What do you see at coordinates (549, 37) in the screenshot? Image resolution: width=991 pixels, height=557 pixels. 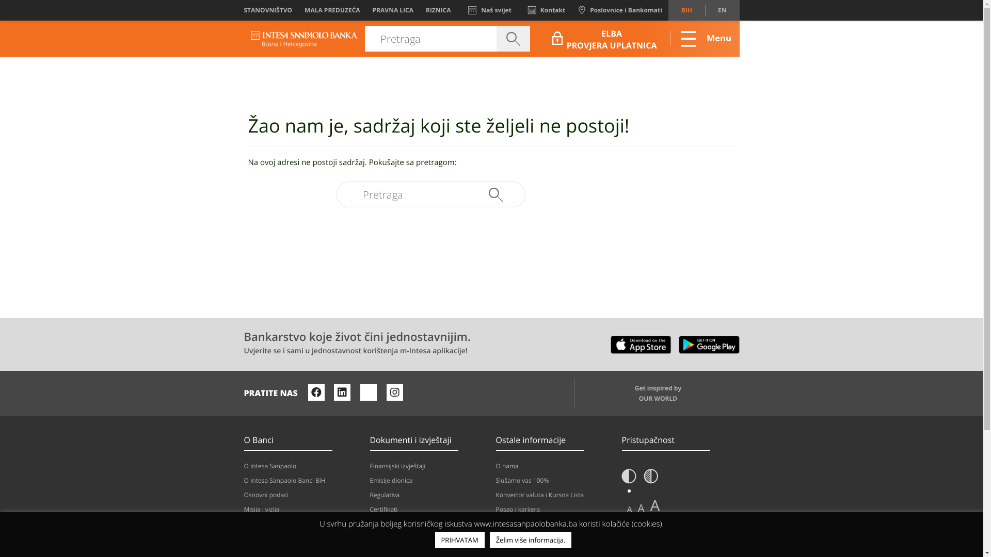 I see `'ELBA` at bounding box center [549, 37].